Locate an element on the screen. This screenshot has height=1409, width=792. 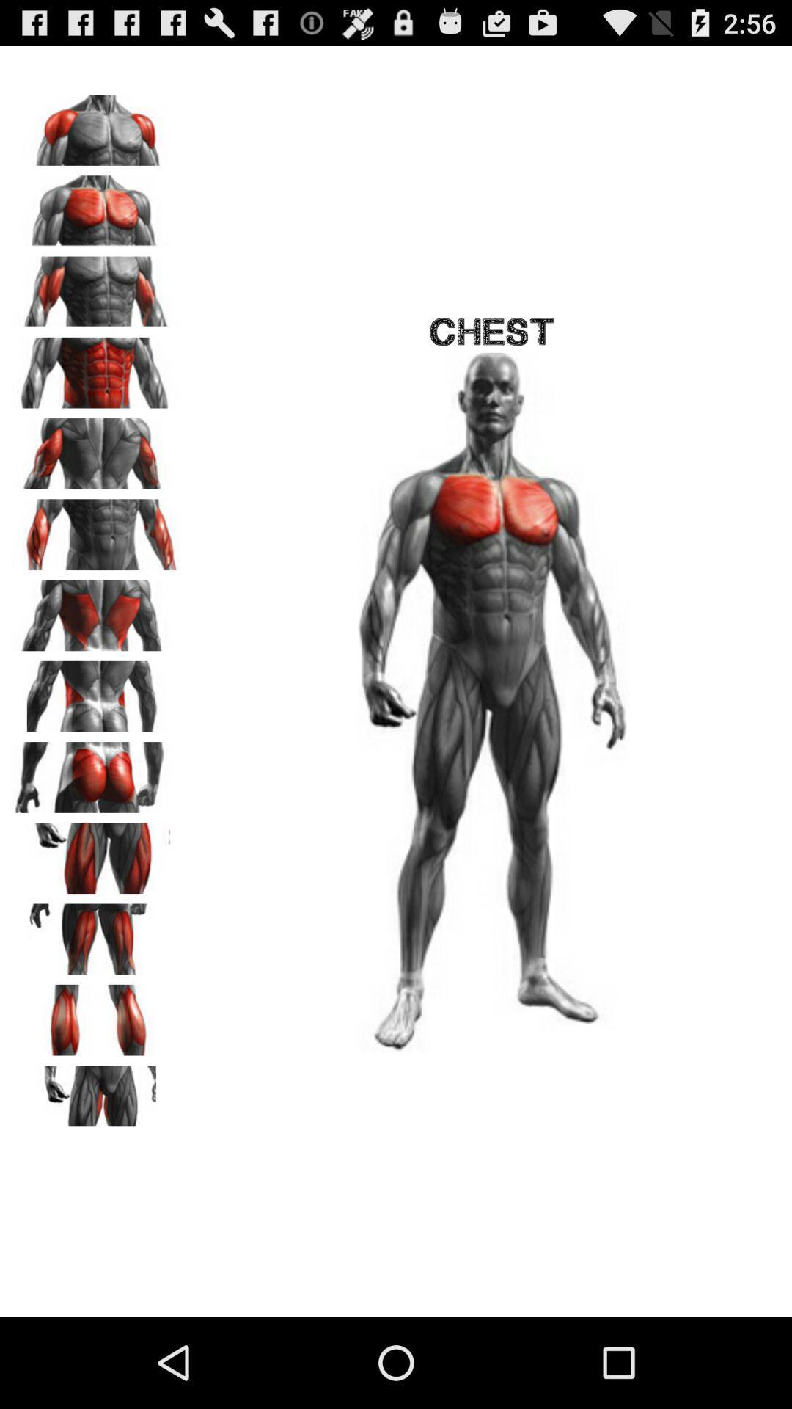
calves is located at coordinates (96, 1014).